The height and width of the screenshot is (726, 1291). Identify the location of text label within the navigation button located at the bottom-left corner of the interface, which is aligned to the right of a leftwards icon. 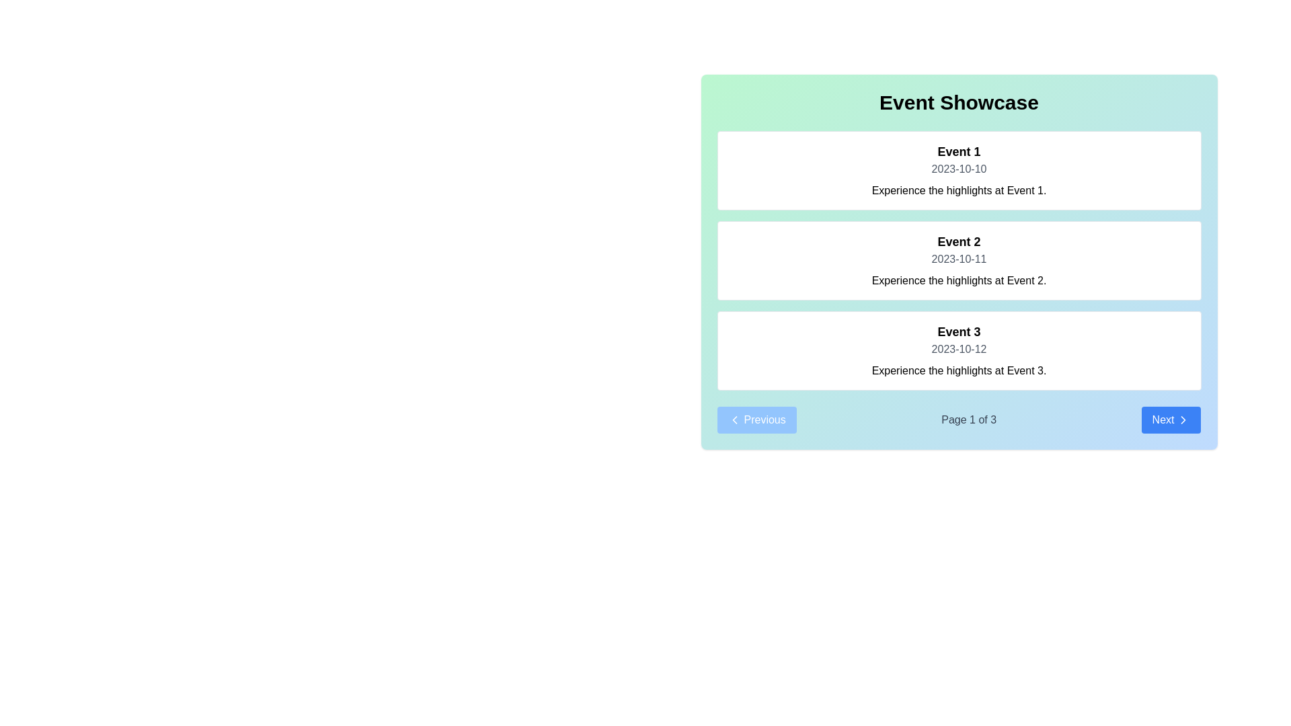
(765, 419).